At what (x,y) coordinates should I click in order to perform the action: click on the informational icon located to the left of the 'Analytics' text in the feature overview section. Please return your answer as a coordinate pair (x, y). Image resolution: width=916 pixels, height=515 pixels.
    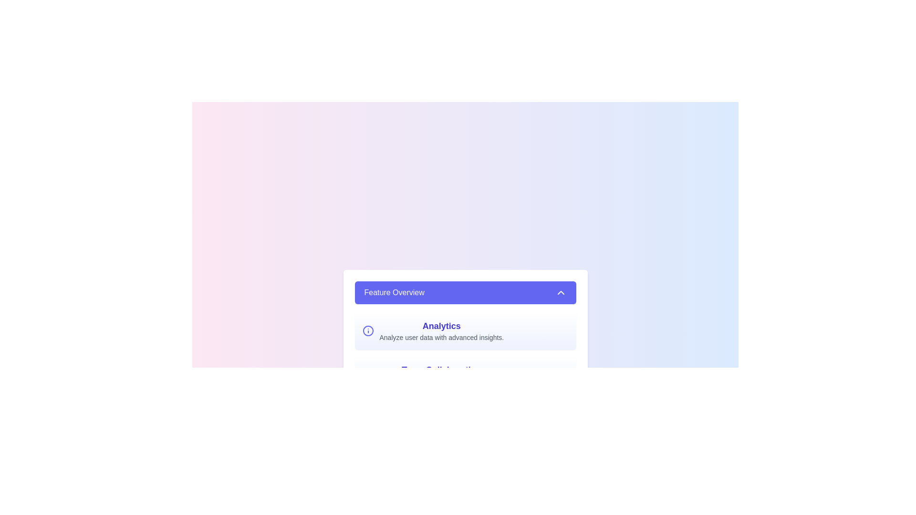
    Looking at the image, I should click on (367, 330).